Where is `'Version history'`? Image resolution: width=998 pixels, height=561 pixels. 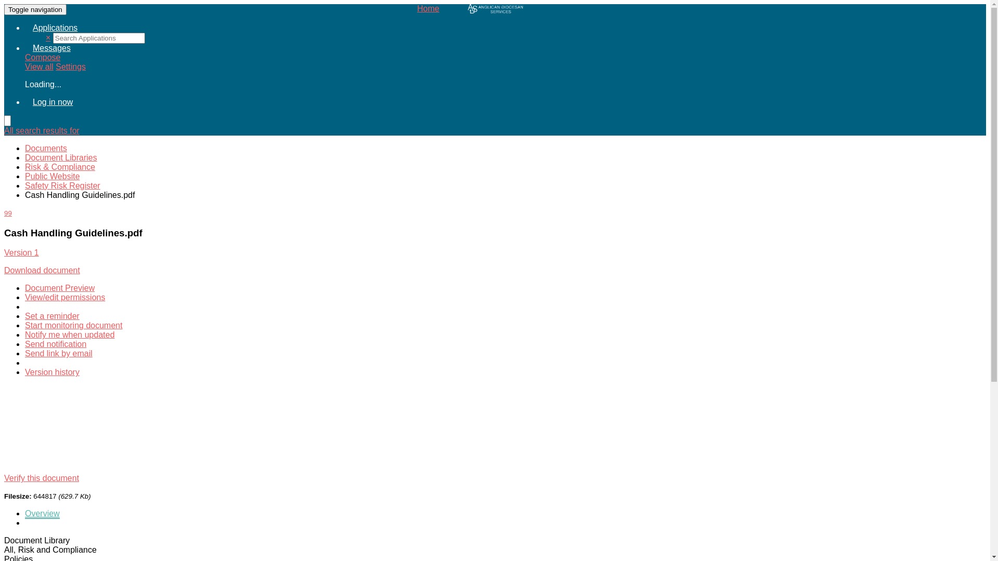
'Version history' is located at coordinates (51, 371).